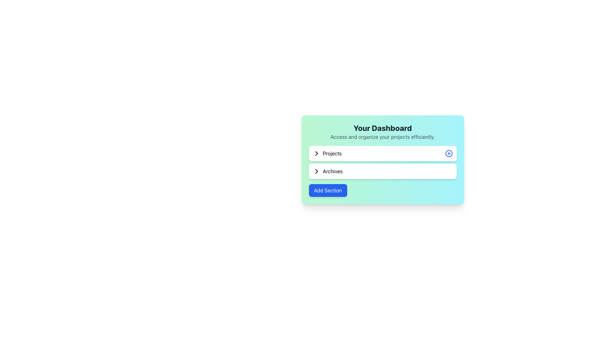 This screenshot has width=611, height=344. What do you see at coordinates (316, 171) in the screenshot?
I see `the right-facing chevron arrow icon next to the 'Archives' label` at bounding box center [316, 171].